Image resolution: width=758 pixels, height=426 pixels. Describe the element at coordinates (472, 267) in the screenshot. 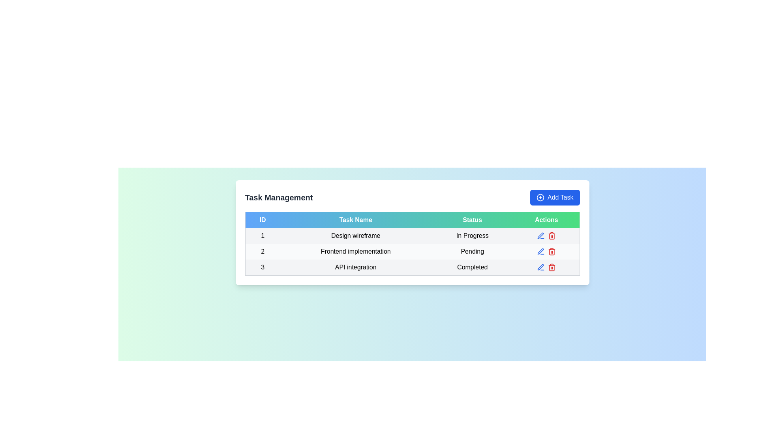

I see `the static text field indicating the completion status of the task 'API integration' located in the third row of the table under the 'Status' column` at that location.